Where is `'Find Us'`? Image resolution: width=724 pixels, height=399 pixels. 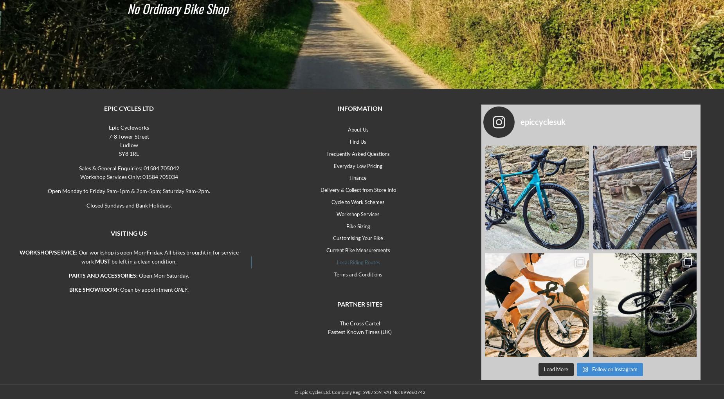
'Find Us' is located at coordinates (358, 142).